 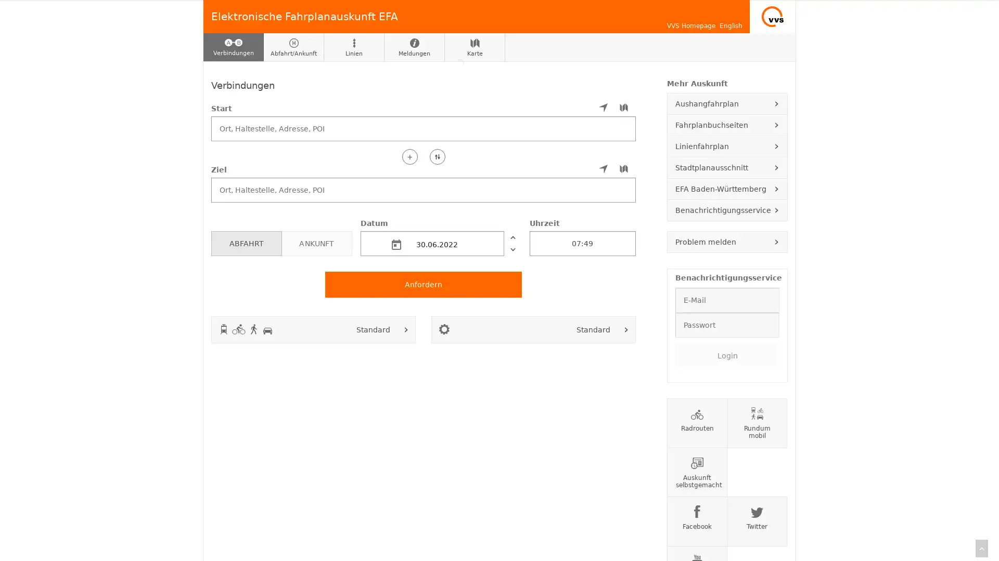 What do you see at coordinates (512, 249) in the screenshot?
I see `nachher` at bounding box center [512, 249].